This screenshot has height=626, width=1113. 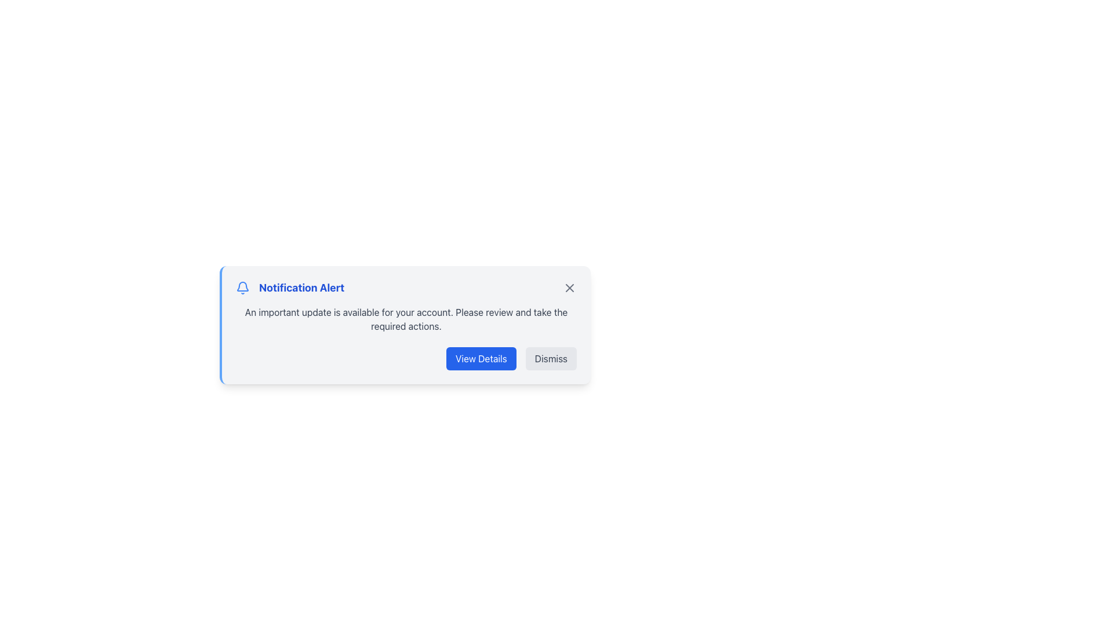 What do you see at coordinates (406, 319) in the screenshot?
I see `the text element that reads 'An important update is available for your account.' located within the notification card under the title 'Notification Alert'` at bounding box center [406, 319].